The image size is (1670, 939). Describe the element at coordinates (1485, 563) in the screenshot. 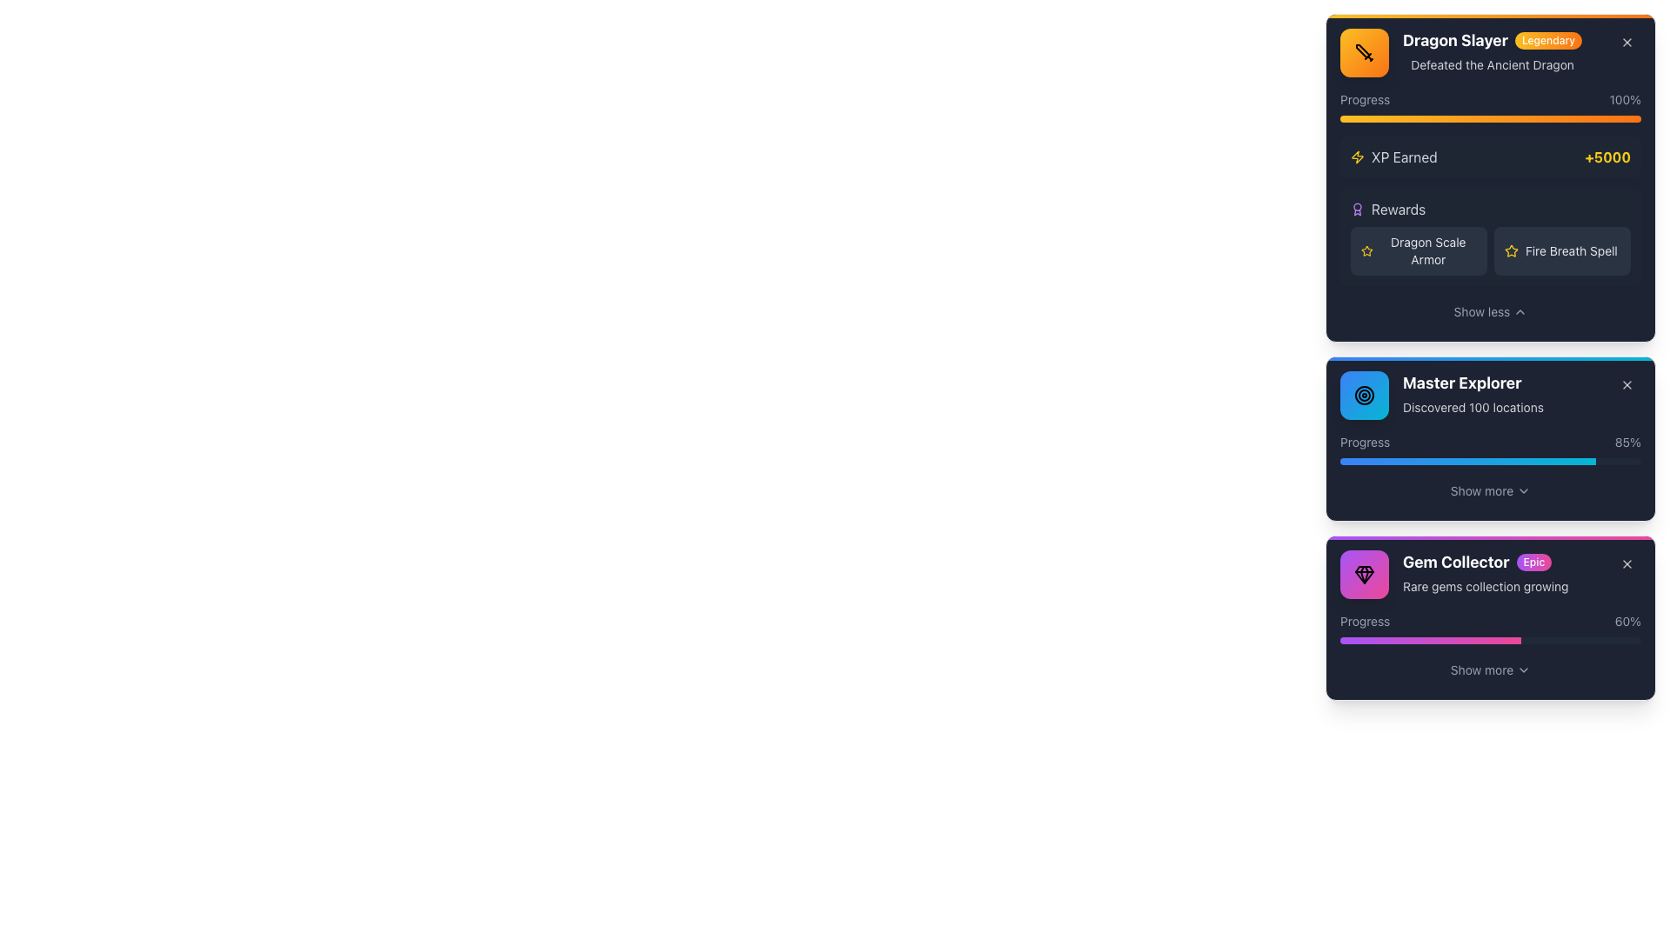

I see `the 'Gem Collector' text label with the 'Epic' badge by moving the cursor to its center point` at that location.